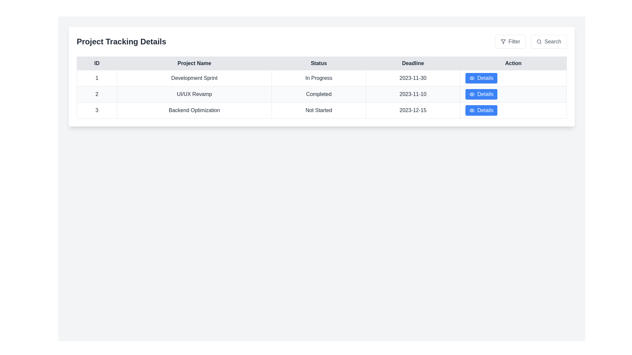 The height and width of the screenshot is (355, 632). Describe the element at coordinates (513, 110) in the screenshot. I see `the button in the last row of the table under the 'Action' column` at that location.